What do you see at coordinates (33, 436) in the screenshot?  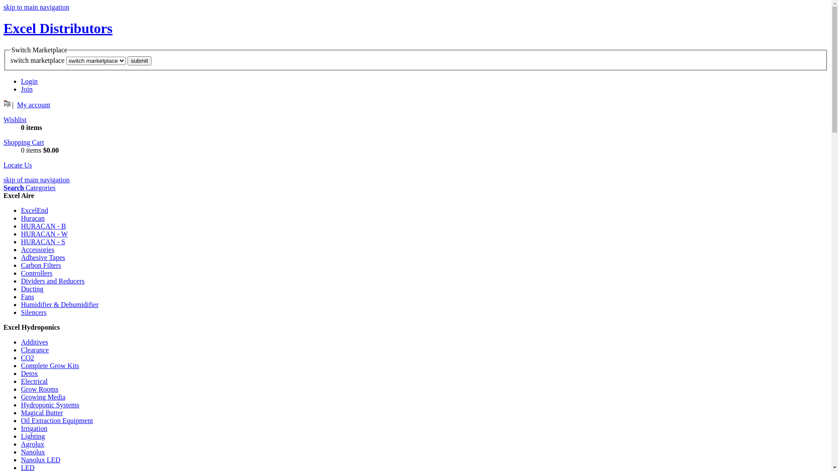 I see `'Lighting'` at bounding box center [33, 436].